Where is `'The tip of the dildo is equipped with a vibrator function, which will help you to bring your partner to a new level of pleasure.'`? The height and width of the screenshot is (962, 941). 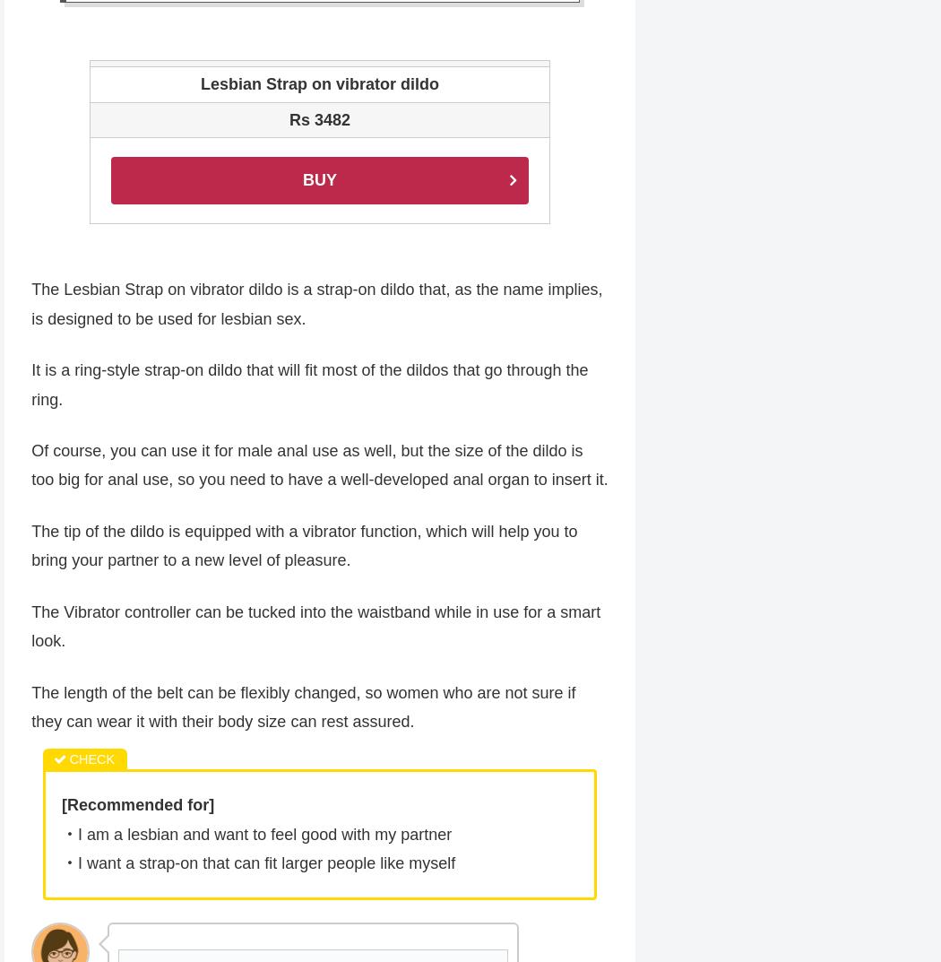
'The tip of the dildo is equipped with a vibrator function, which will help you to bring your partner to a new level of pleasure.' is located at coordinates (303, 546).